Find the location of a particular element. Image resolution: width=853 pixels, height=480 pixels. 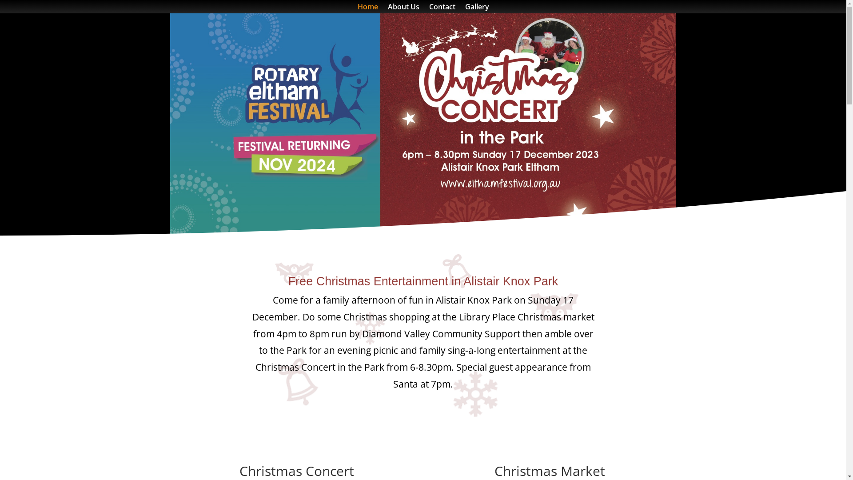

'Home' is located at coordinates (367, 8).